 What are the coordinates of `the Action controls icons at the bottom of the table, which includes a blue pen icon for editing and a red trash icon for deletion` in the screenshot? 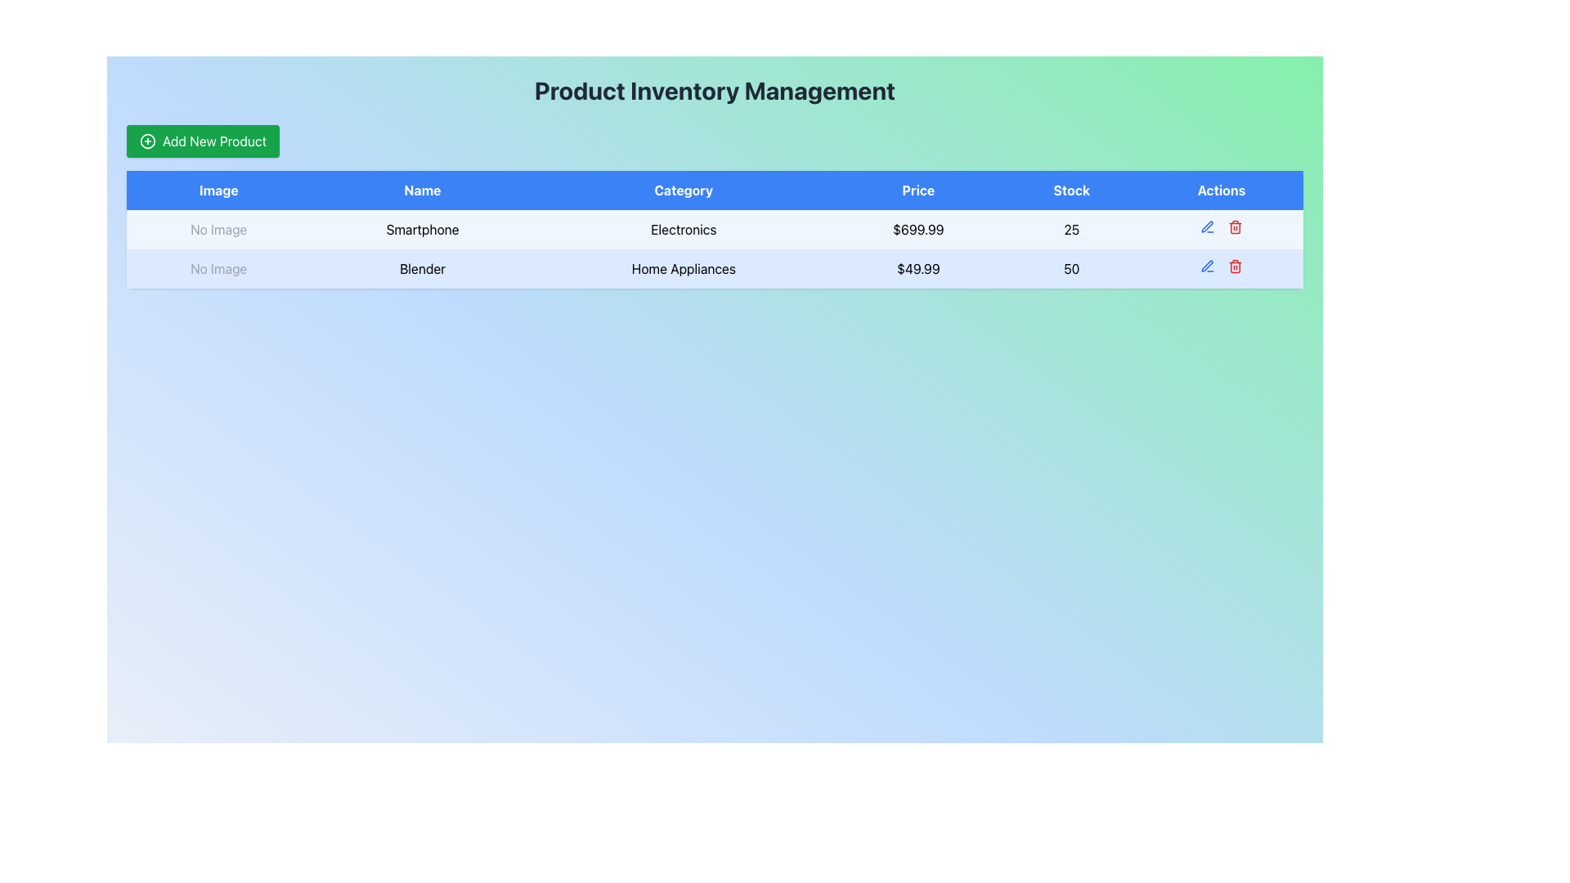 It's located at (1221, 226).